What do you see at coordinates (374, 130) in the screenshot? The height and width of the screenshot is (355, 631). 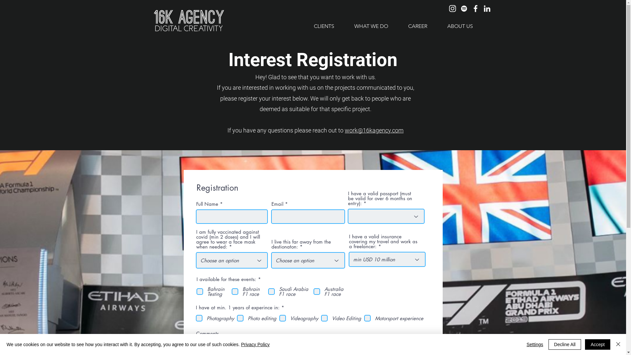 I see `'work@16kagency.com'` at bounding box center [374, 130].